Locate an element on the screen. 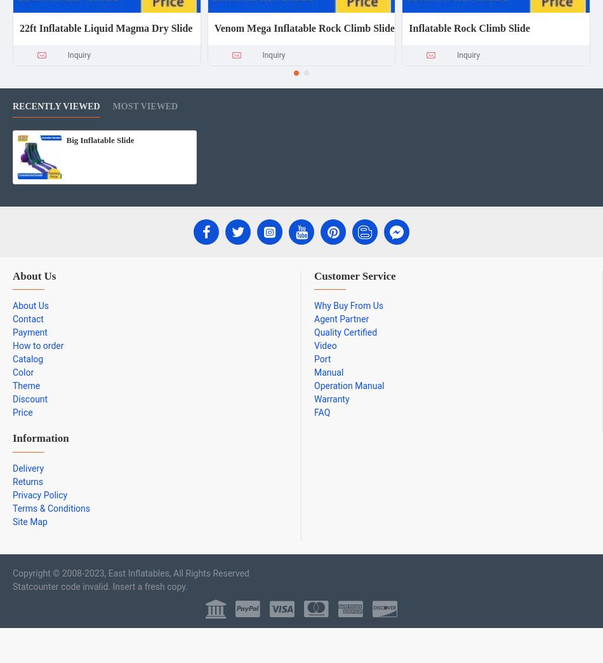  'Price' is located at coordinates (13, 411).